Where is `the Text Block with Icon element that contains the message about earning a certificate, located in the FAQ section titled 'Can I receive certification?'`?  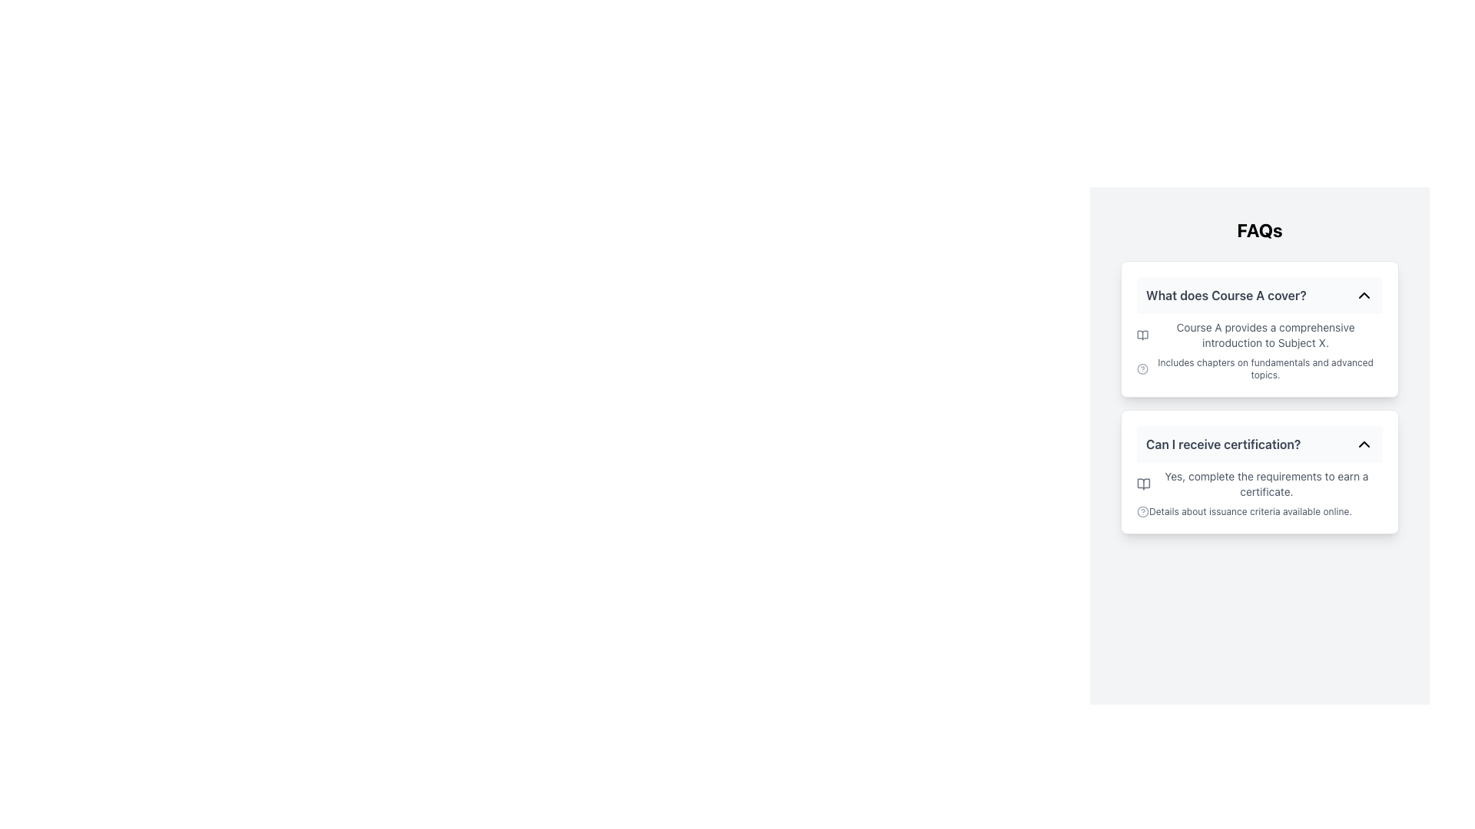
the Text Block with Icon element that contains the message about earning a certificate, located in the FAQ section titled 'Can I receive certification?' is located at coordinates (1260, 494).